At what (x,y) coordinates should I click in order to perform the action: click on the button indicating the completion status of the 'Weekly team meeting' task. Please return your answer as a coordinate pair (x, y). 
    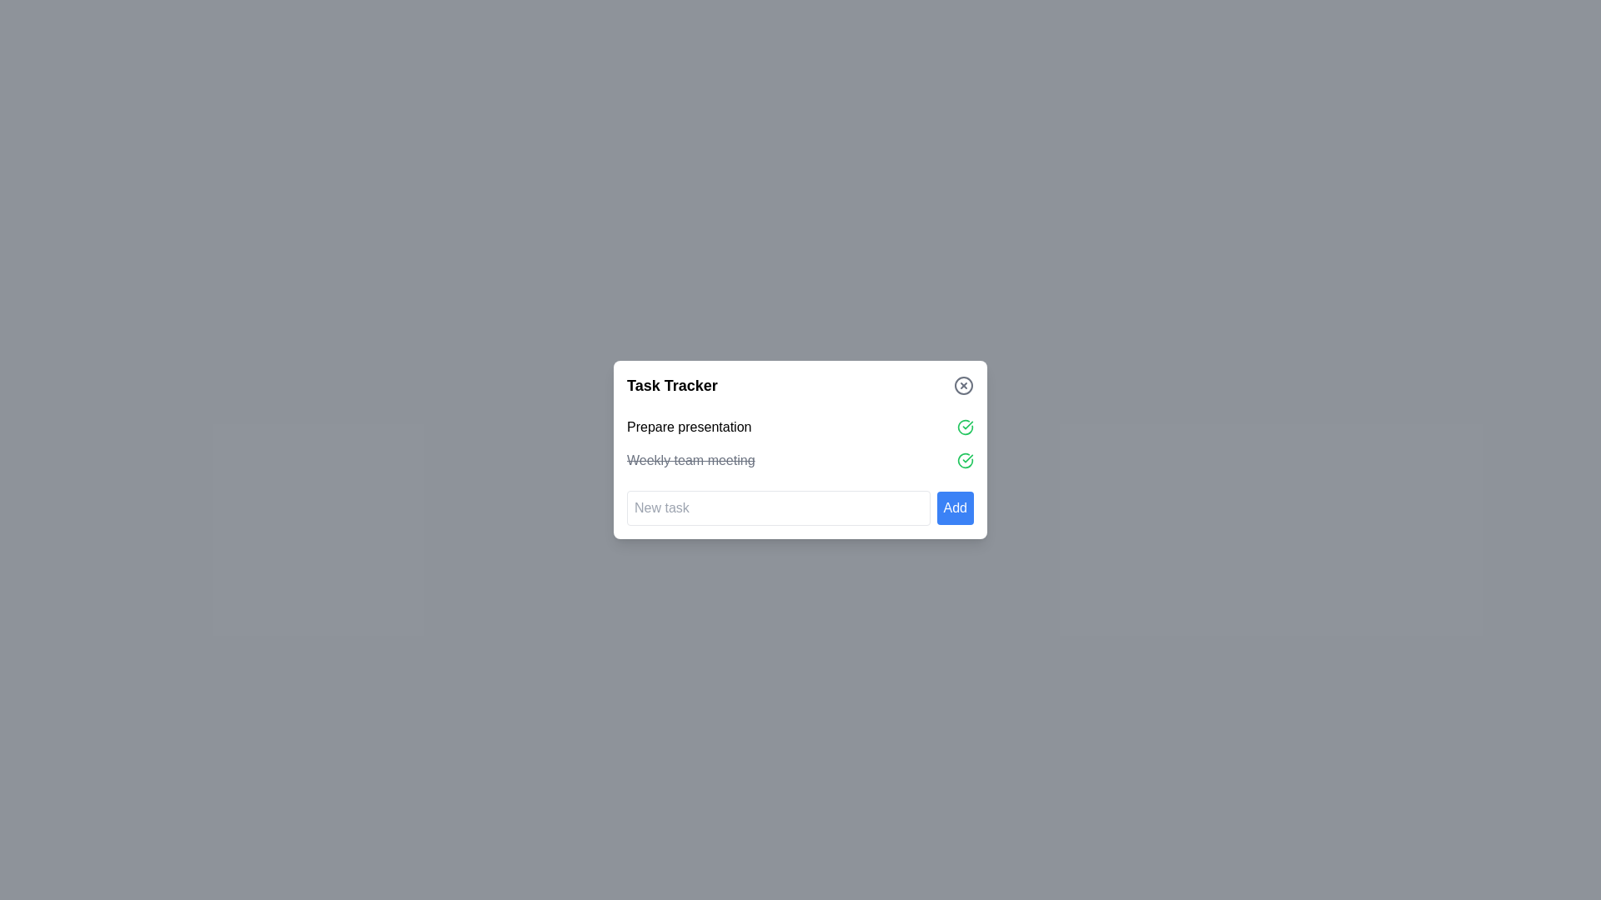
    Looking at the image, I should click on (965, 460).